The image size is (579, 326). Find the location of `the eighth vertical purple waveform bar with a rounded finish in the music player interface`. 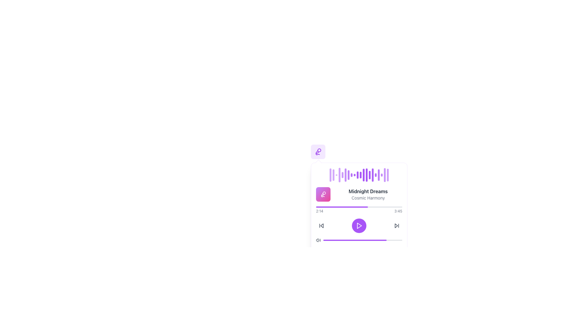

the eighth vertical purple waveform bar with a rounded finish in the music player interface is located at coordinates (352, 175).